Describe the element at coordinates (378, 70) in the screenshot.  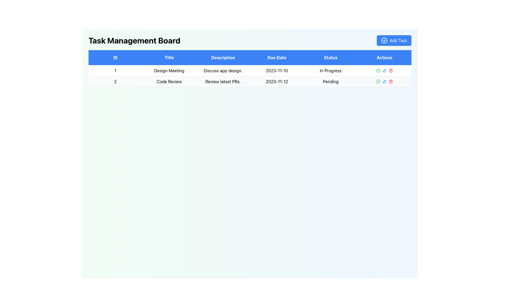
I see `the green circular icon button with a checkmark, located in the 'Actions' column of the second row in the table` at that location.